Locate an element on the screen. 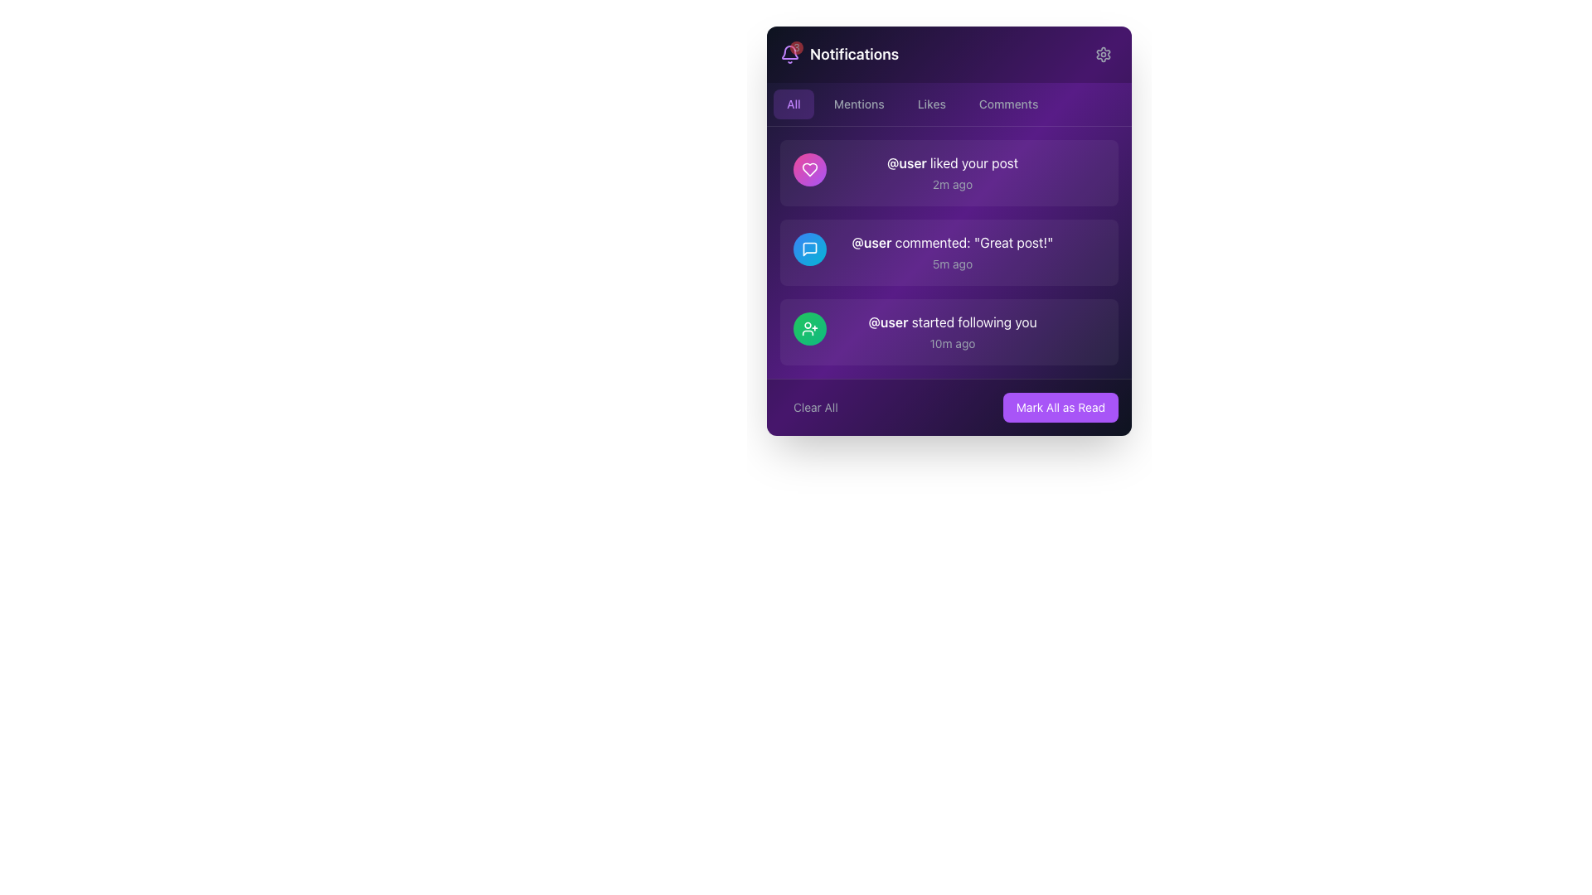 Image resolution: width=1592 pixels, height=895 pixels. header text label in the top-right corner of the notification dialog box to understand the section's purpose is located at coordinates (854, 53).